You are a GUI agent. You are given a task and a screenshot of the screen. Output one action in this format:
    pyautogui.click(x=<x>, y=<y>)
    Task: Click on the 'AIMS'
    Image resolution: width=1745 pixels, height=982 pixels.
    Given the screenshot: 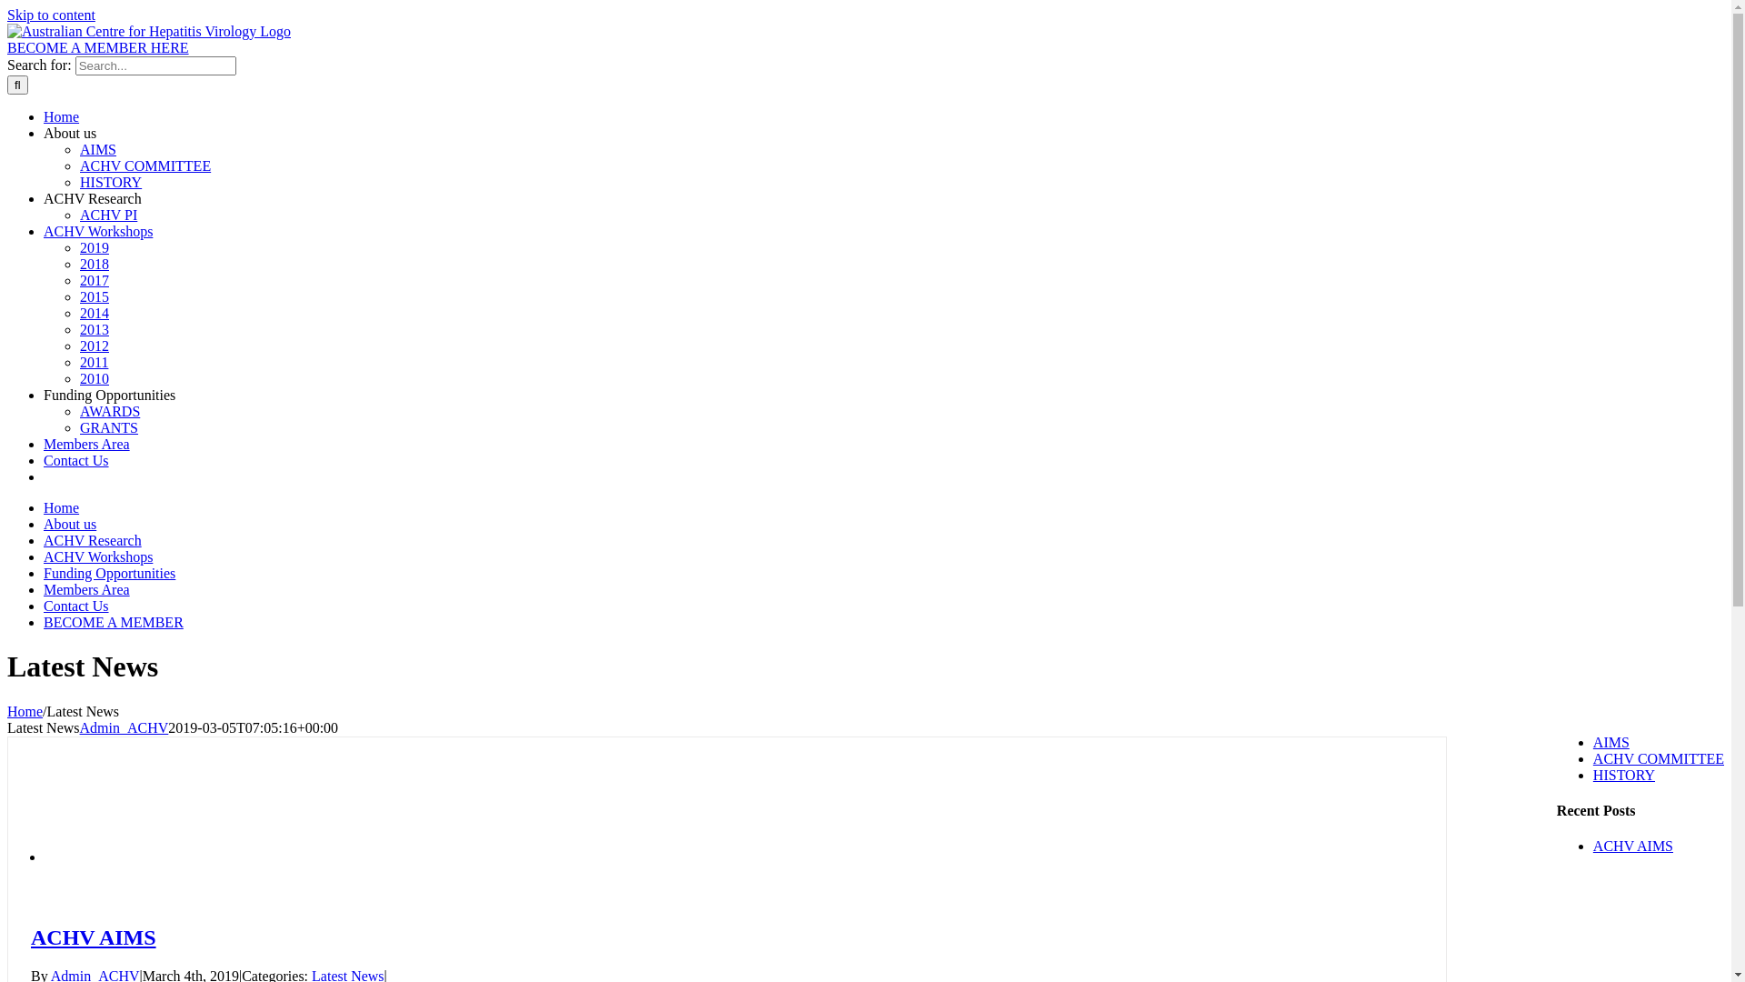 What is the action you would take?
    pyautogui.click(x=1610, y=742)
    